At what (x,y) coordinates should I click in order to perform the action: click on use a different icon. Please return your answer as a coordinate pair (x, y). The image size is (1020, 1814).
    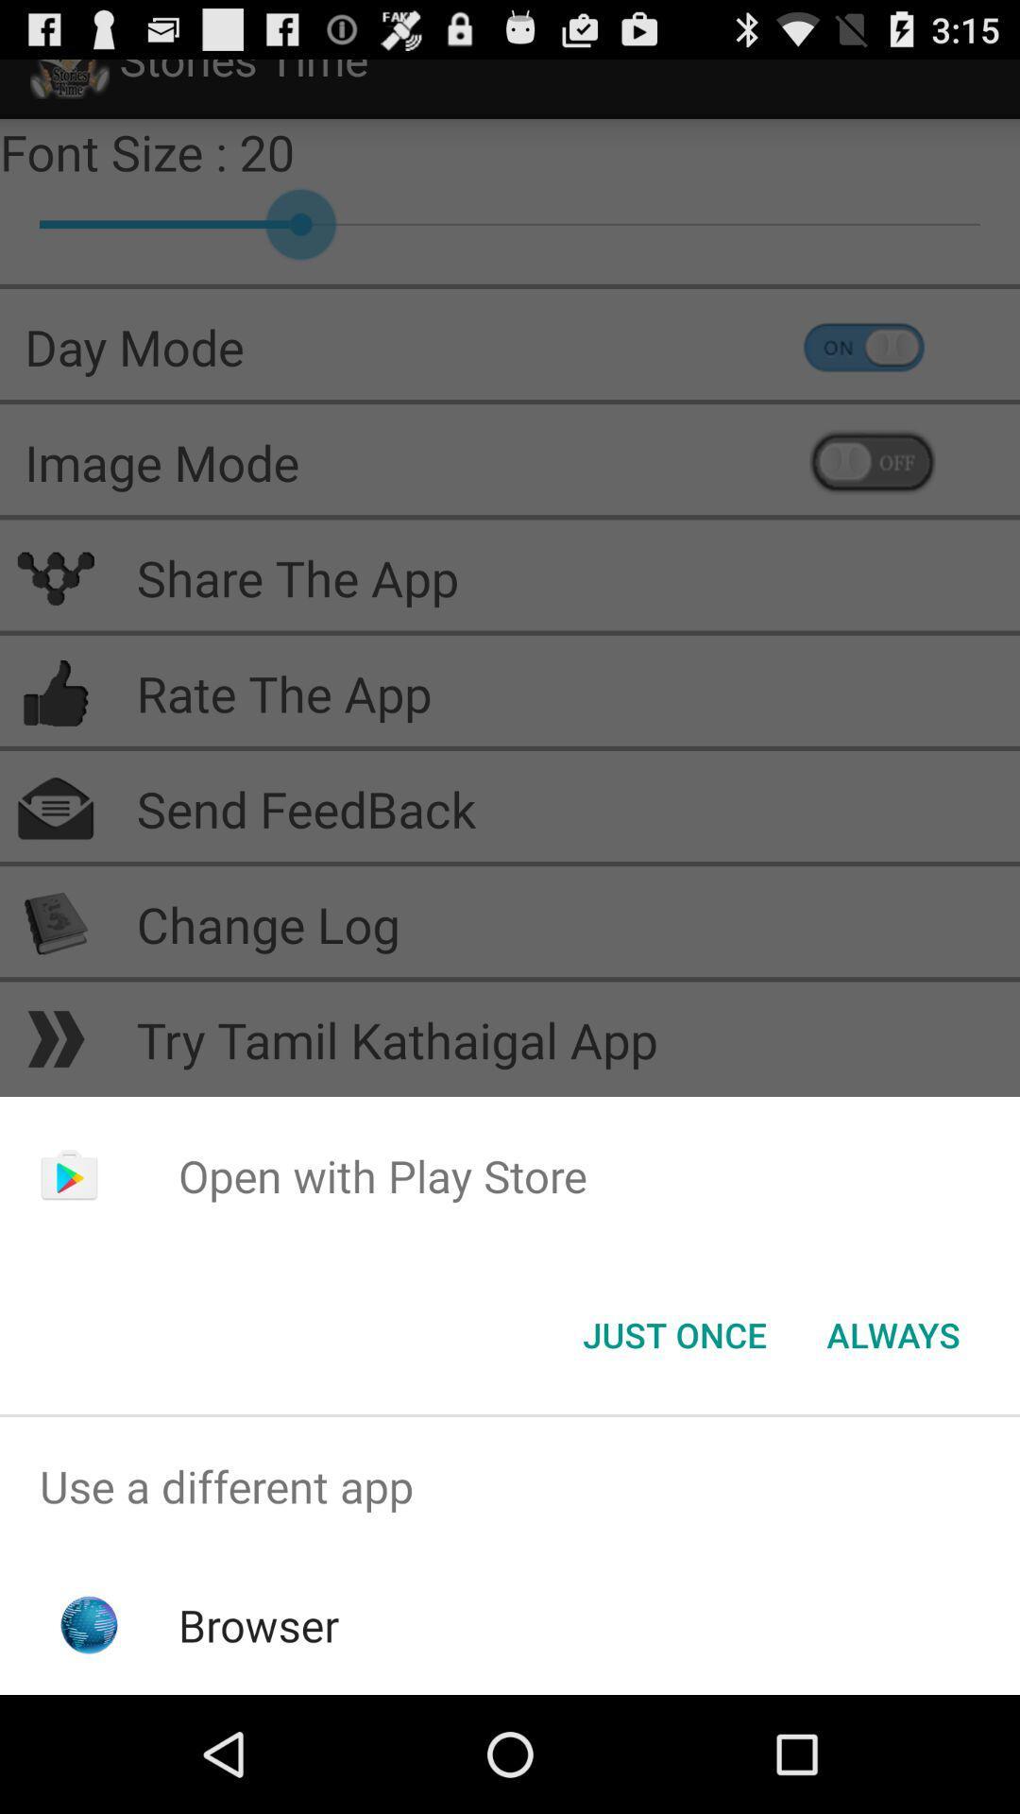
    Looking at the image, I should click on (510, 1485).